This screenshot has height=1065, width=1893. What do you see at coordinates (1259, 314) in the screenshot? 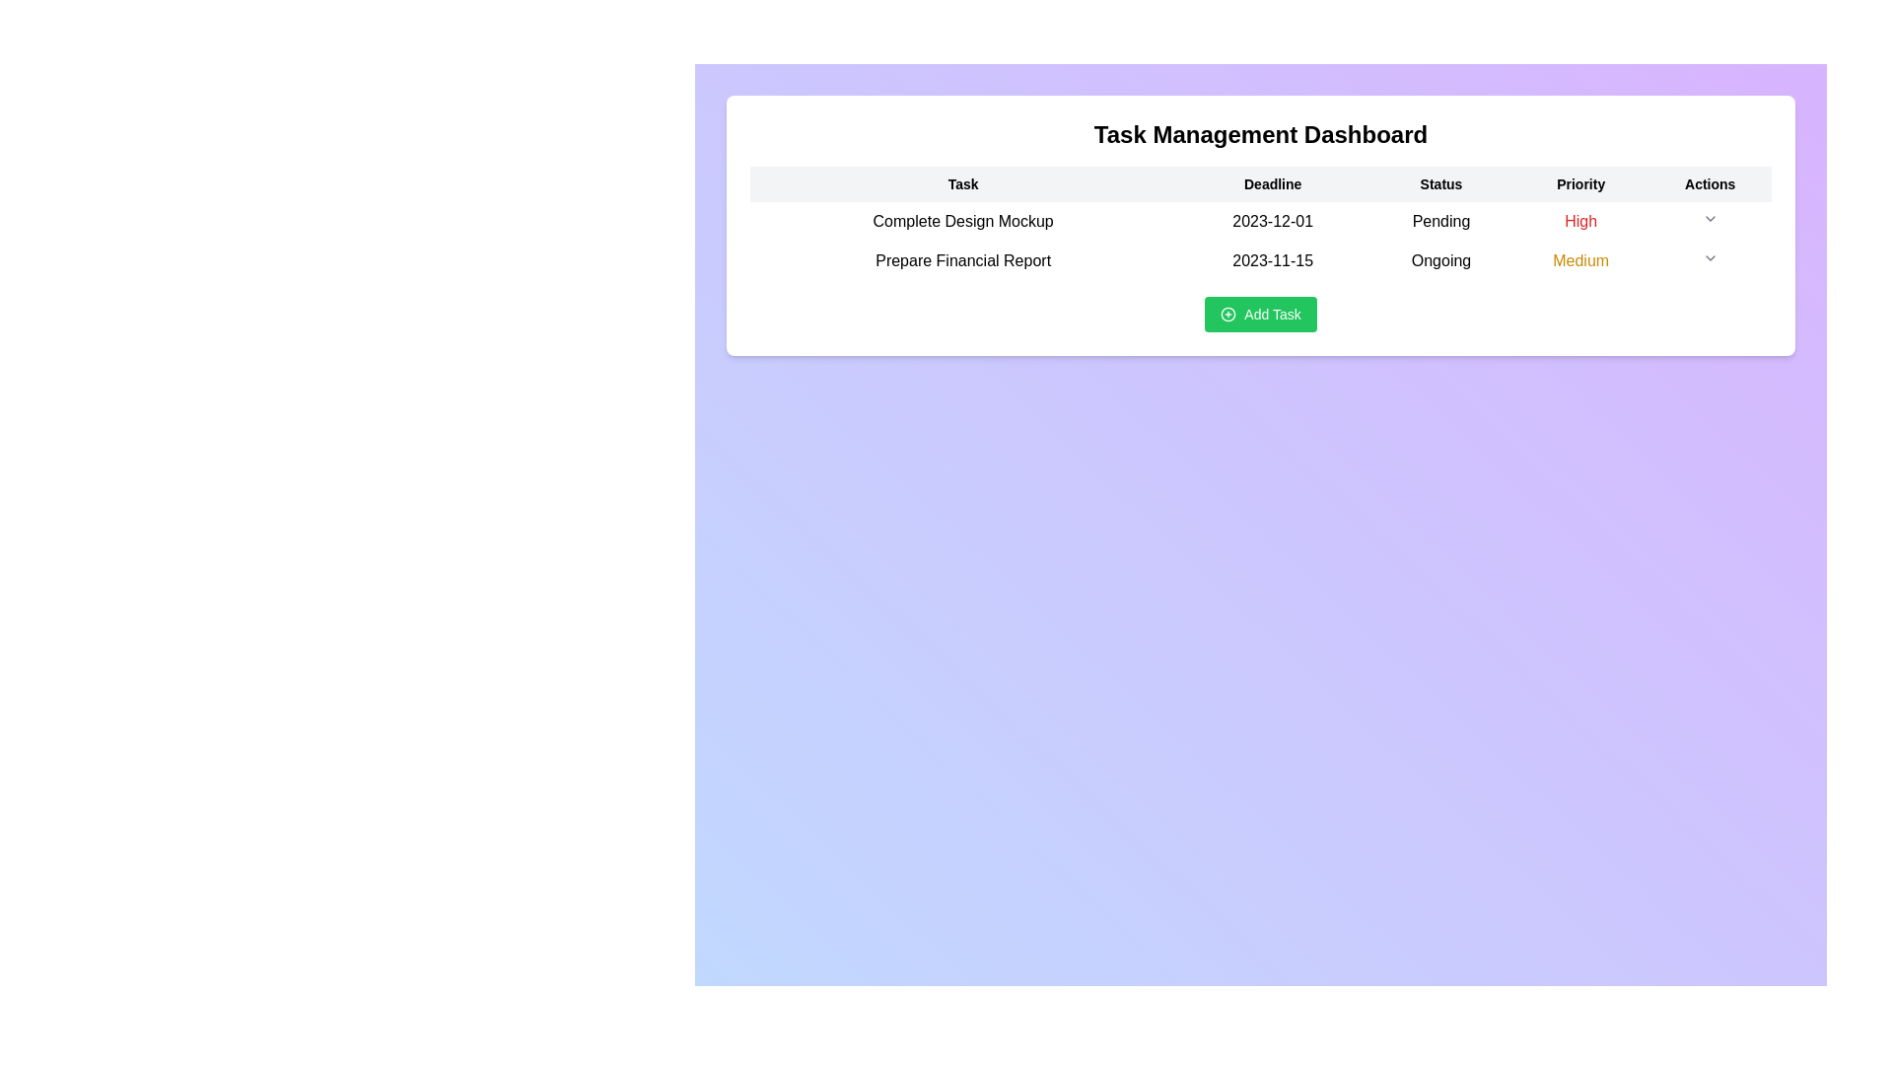
I see `the green 'Add Task' button with a white plus sign icon to observe the hover effect` at bounding box center [1259, 314].